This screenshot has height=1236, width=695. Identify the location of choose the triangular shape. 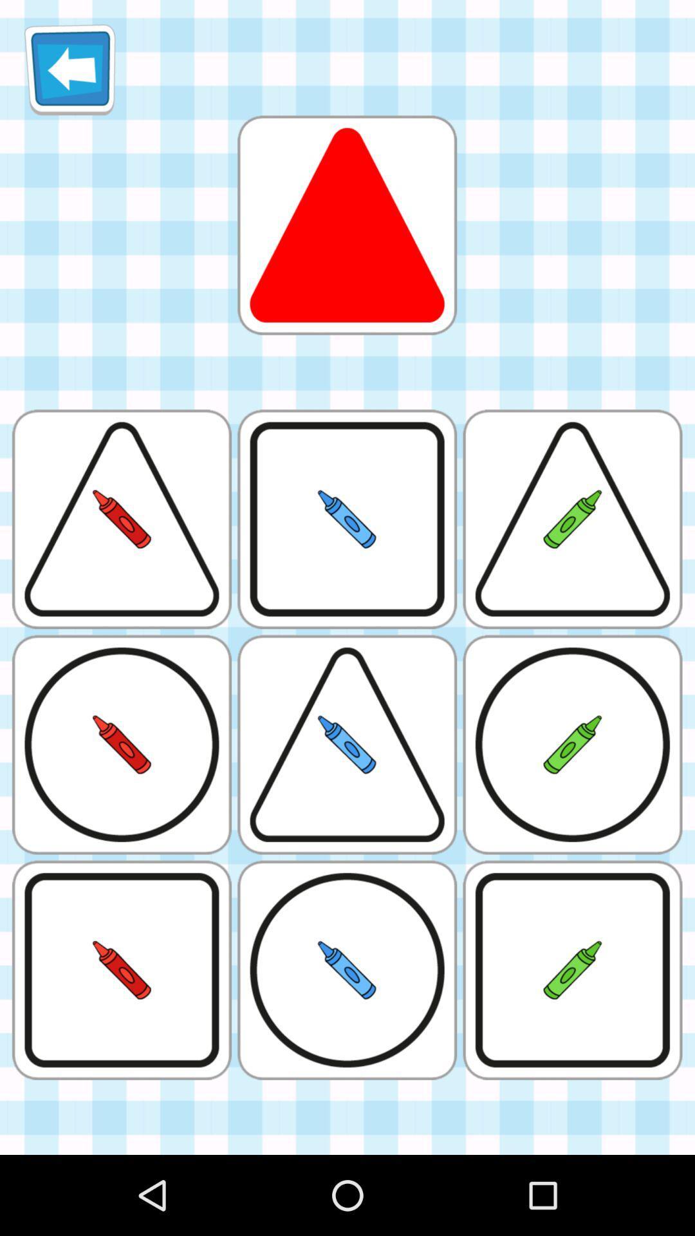
(346, 225).